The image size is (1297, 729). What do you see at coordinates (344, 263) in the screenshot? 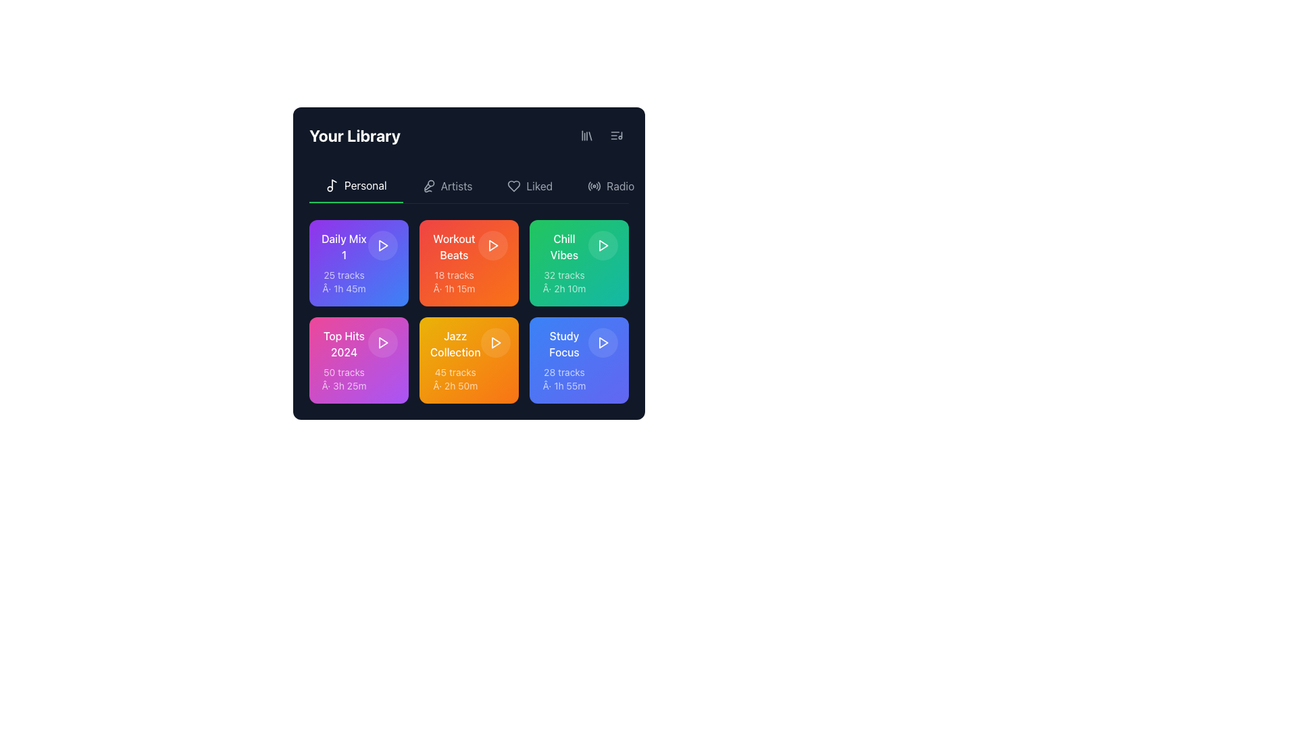
I see `the 'Daily Mix 1' card element located in the top-left corner under the 'Your Library' section, characterized by its gradient background from purple to blue and displaying '25 tracks · 1h 45m'` at bounding box center [344, 263].